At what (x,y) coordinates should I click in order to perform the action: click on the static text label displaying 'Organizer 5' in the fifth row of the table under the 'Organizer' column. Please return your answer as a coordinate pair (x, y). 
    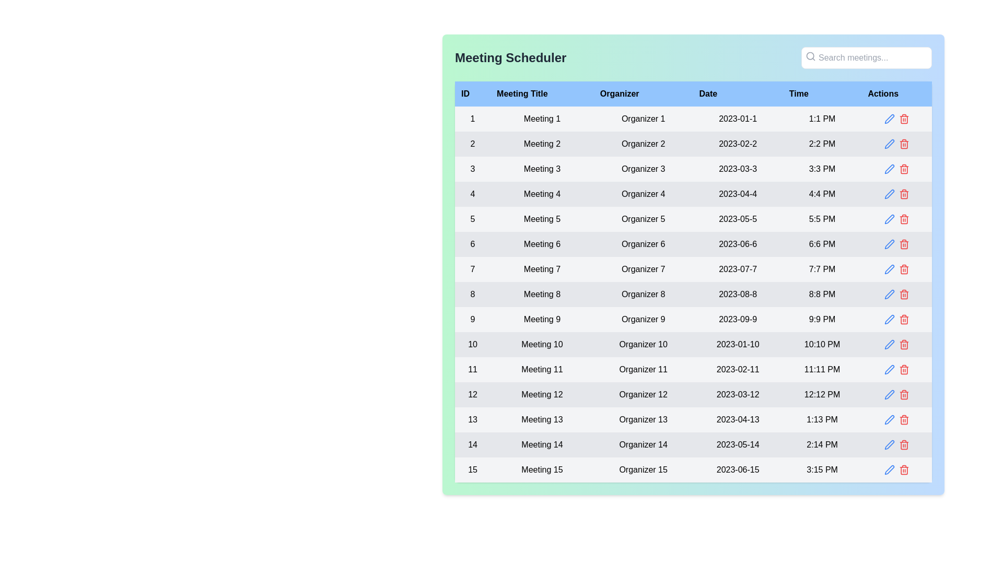
    Looking at the image, I should click on (643, 219).